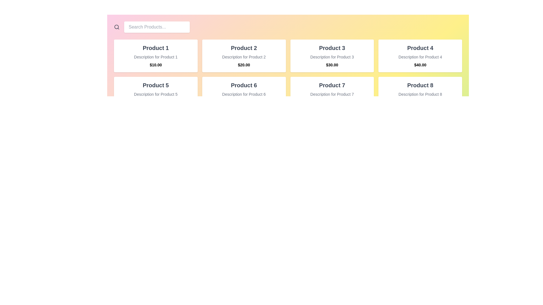 Image resolution: width=543 pixels, height=305 pixels. Describe the element at coordinates (156, 85) in the screenshot. I see `text element that serves as the title or name of the product, positioned in the second row of the product grid layout and left-aligned with 'Description for Product 5' and '$50.00'` at that location.